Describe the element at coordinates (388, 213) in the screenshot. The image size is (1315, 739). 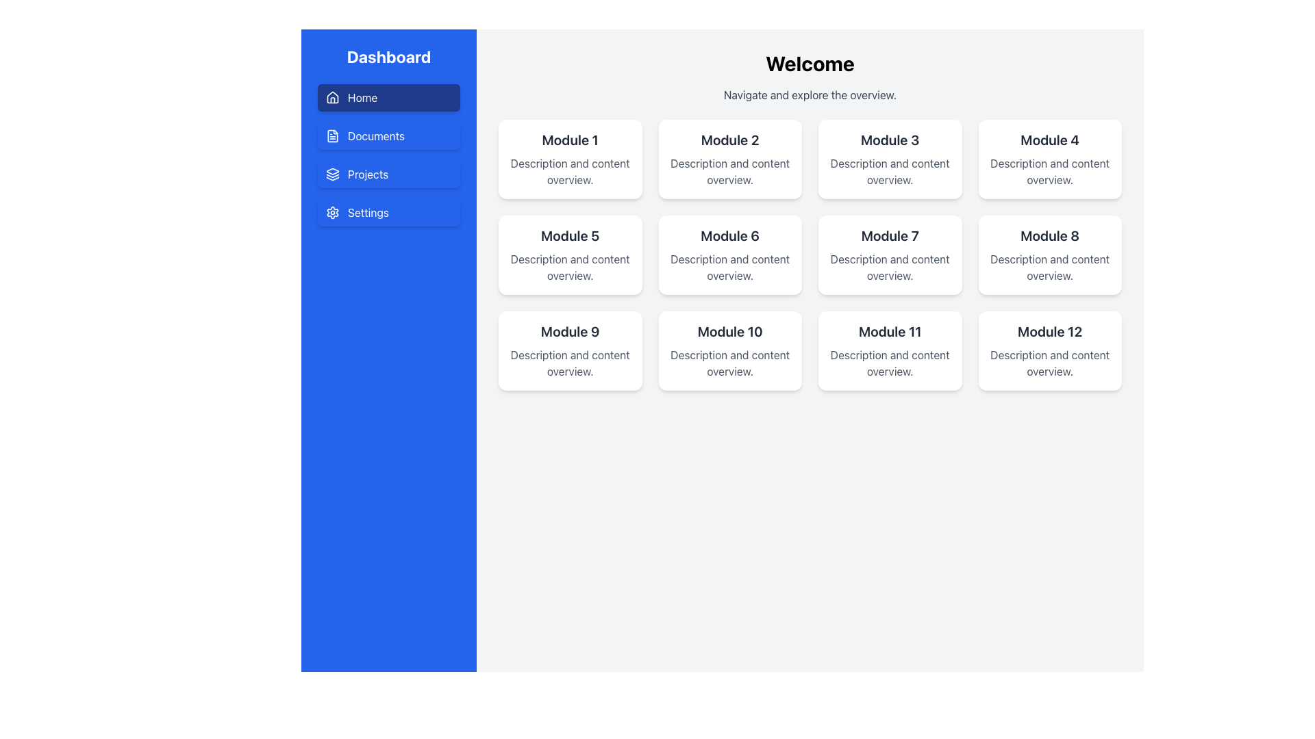
I see `the fourth button in the vertical list of menu options in the left sidebar` at that location.